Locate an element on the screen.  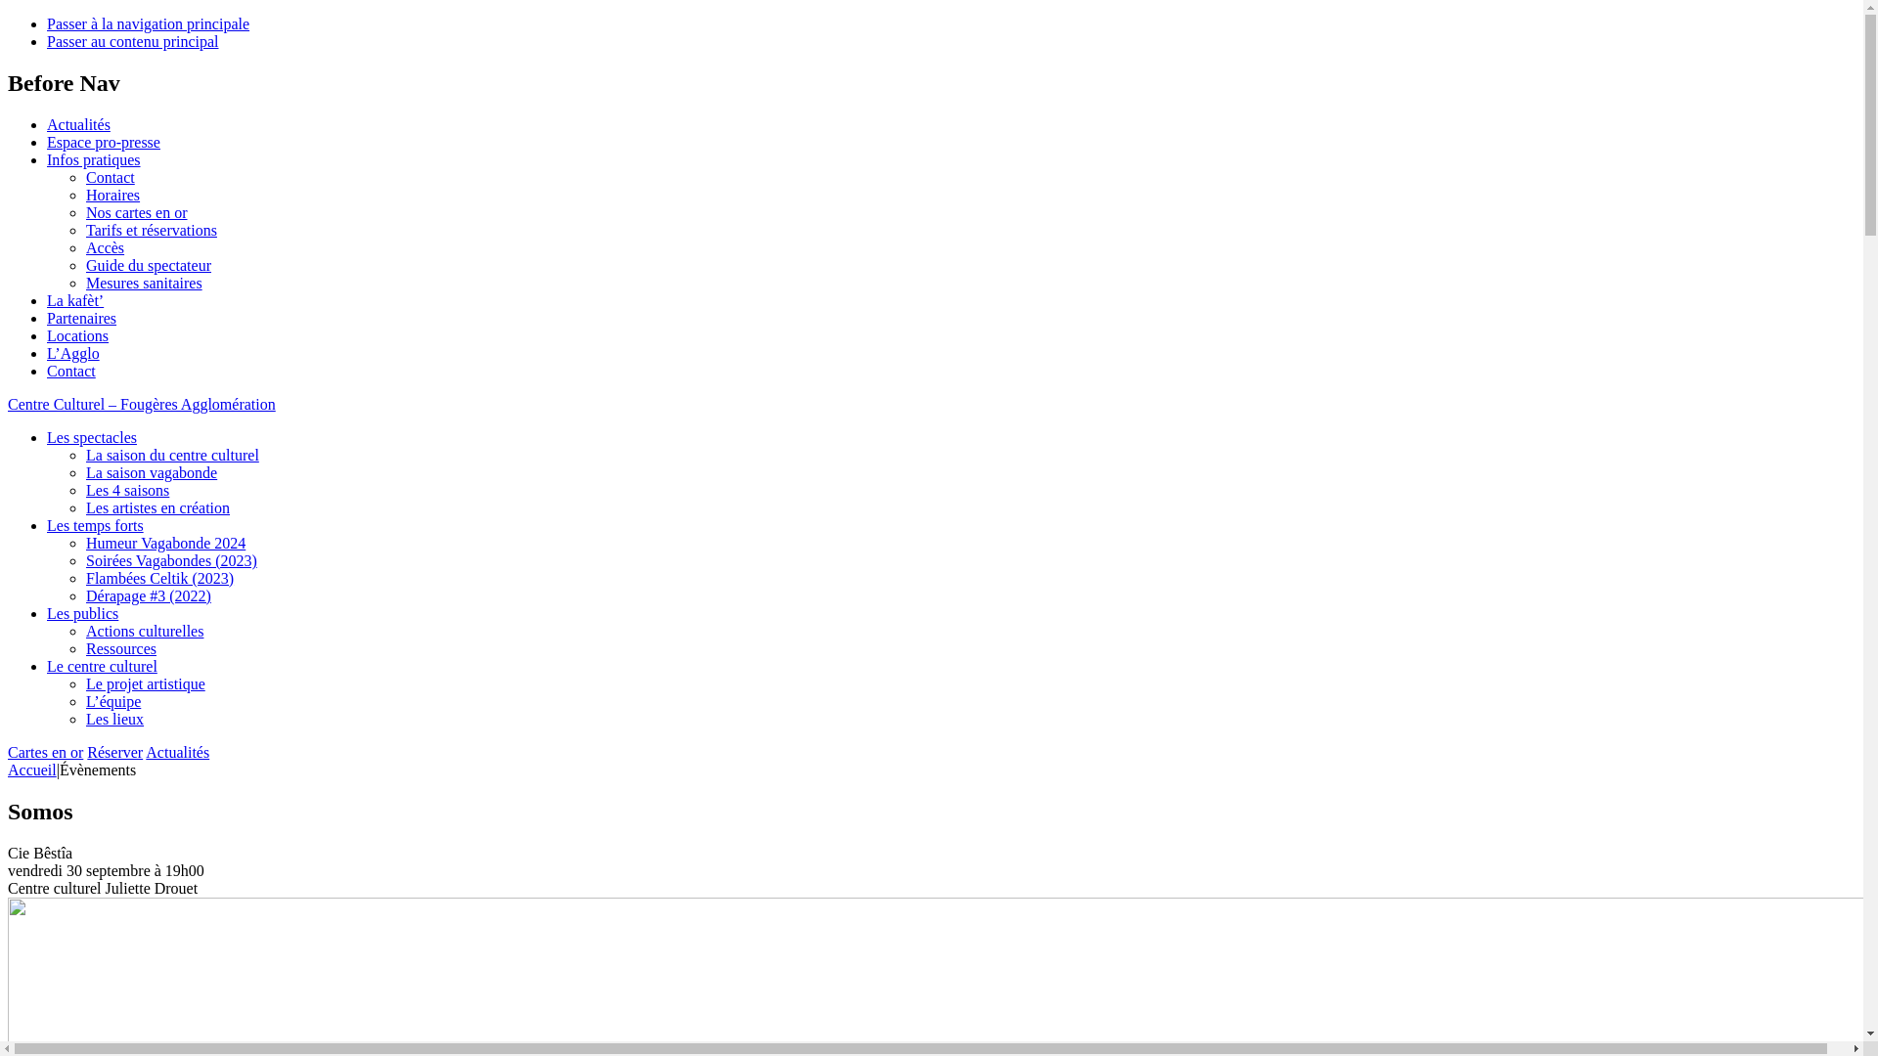
'Cartes en or' is located at coordinates (8, 751).